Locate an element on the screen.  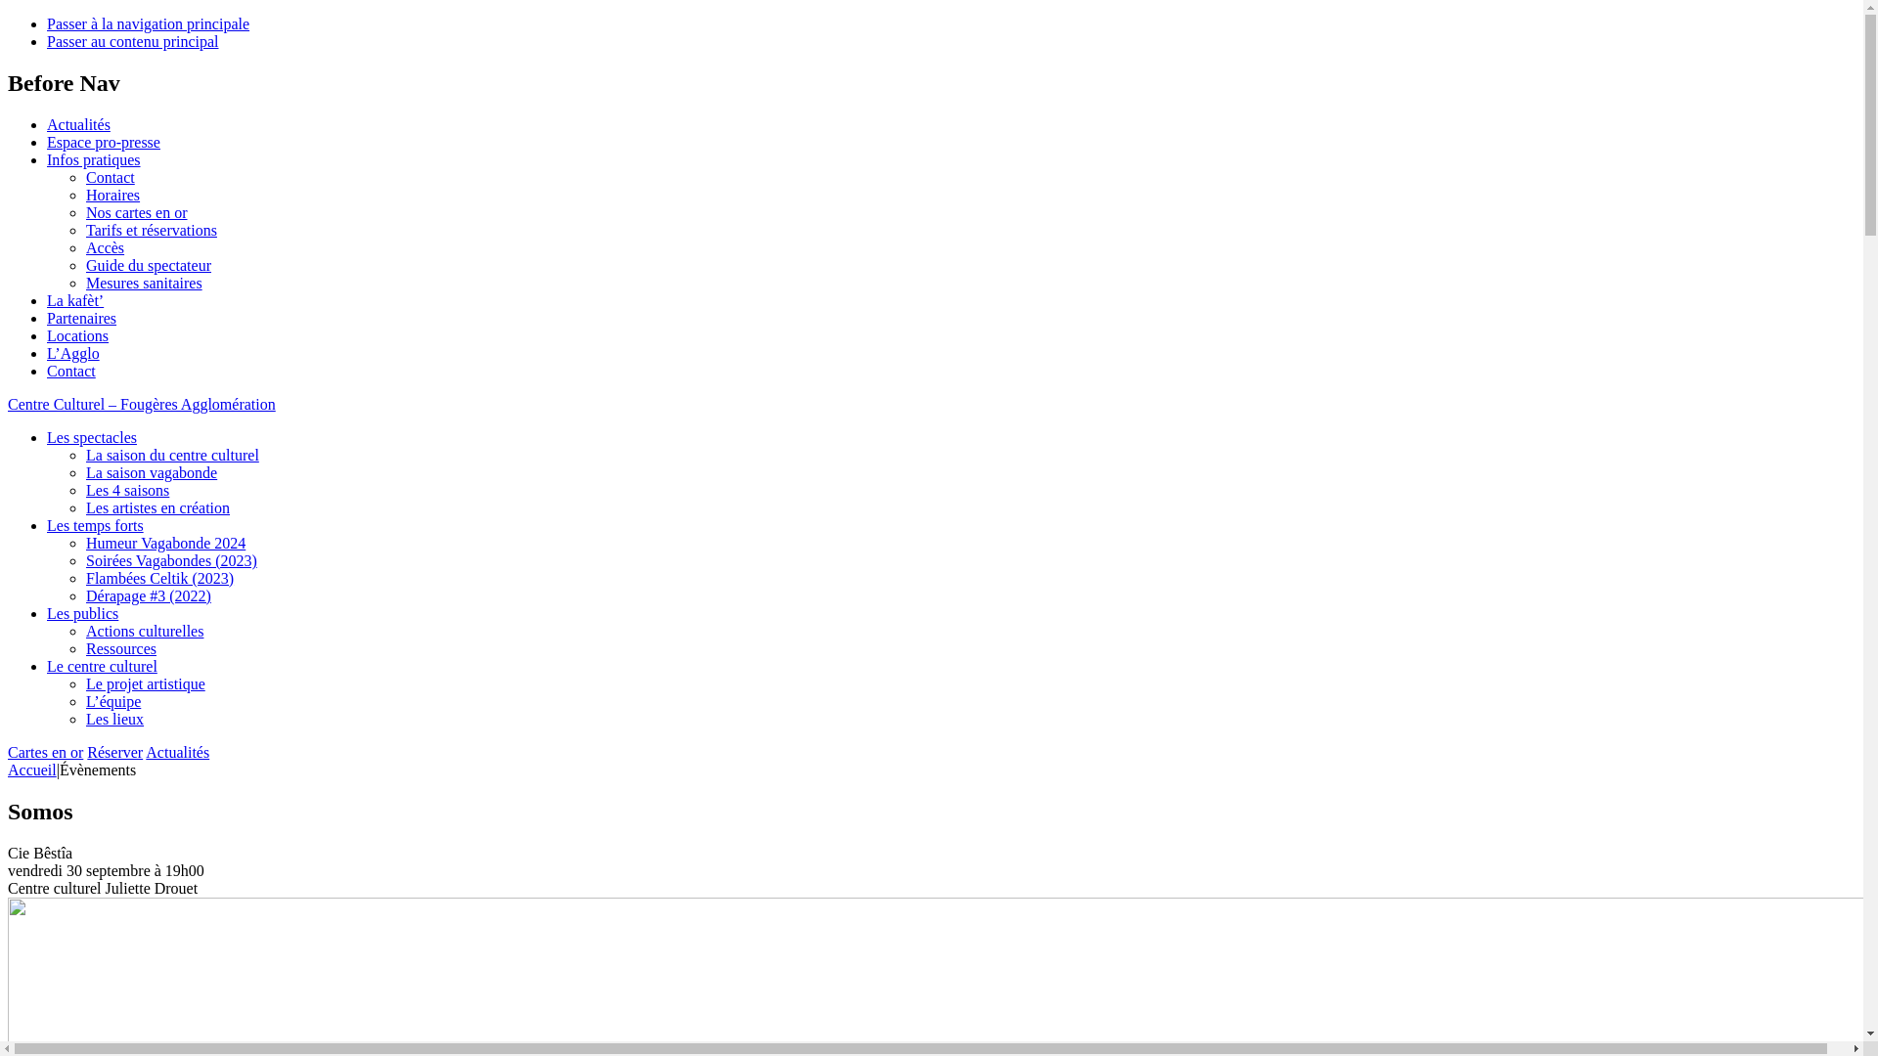
'Cartes en or' is located at coordinates (8, 751).